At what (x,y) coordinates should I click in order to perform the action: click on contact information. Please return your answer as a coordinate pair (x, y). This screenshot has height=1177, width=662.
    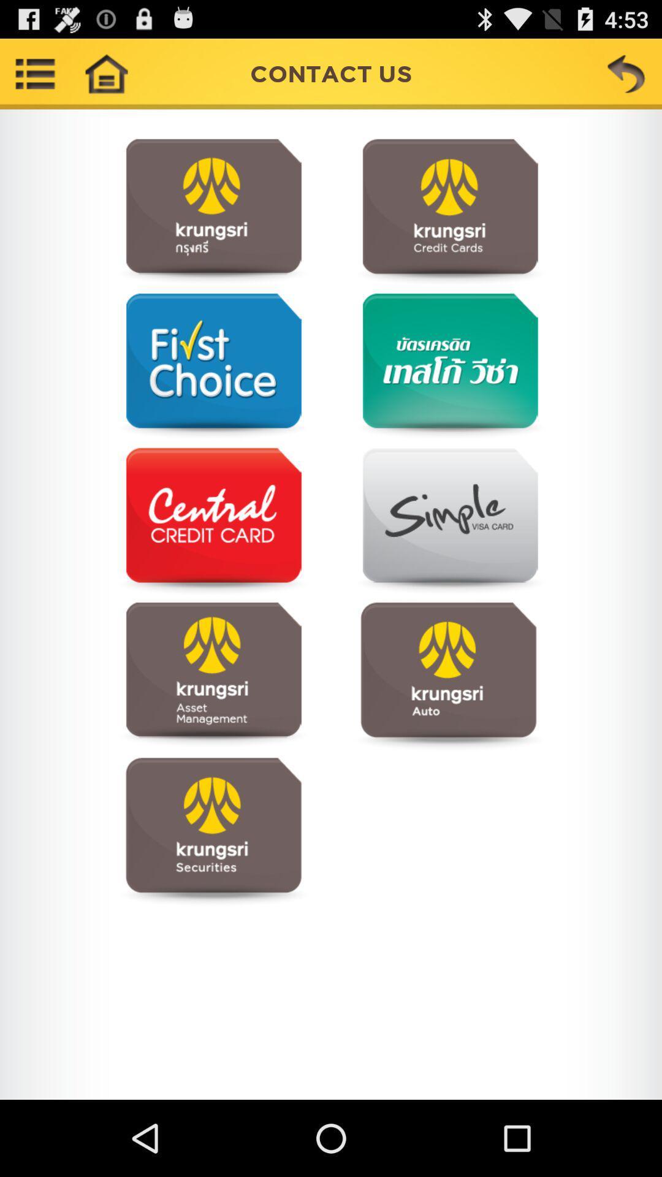
    Looking at the image, I should click on (448, 521).